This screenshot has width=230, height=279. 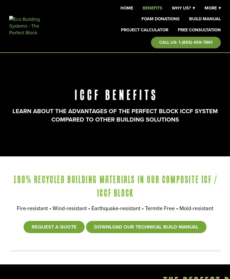 What do you see at coordinates (152, 8) in the screenshot?
I see `'Benefits'` at bounding box center [152, 8].